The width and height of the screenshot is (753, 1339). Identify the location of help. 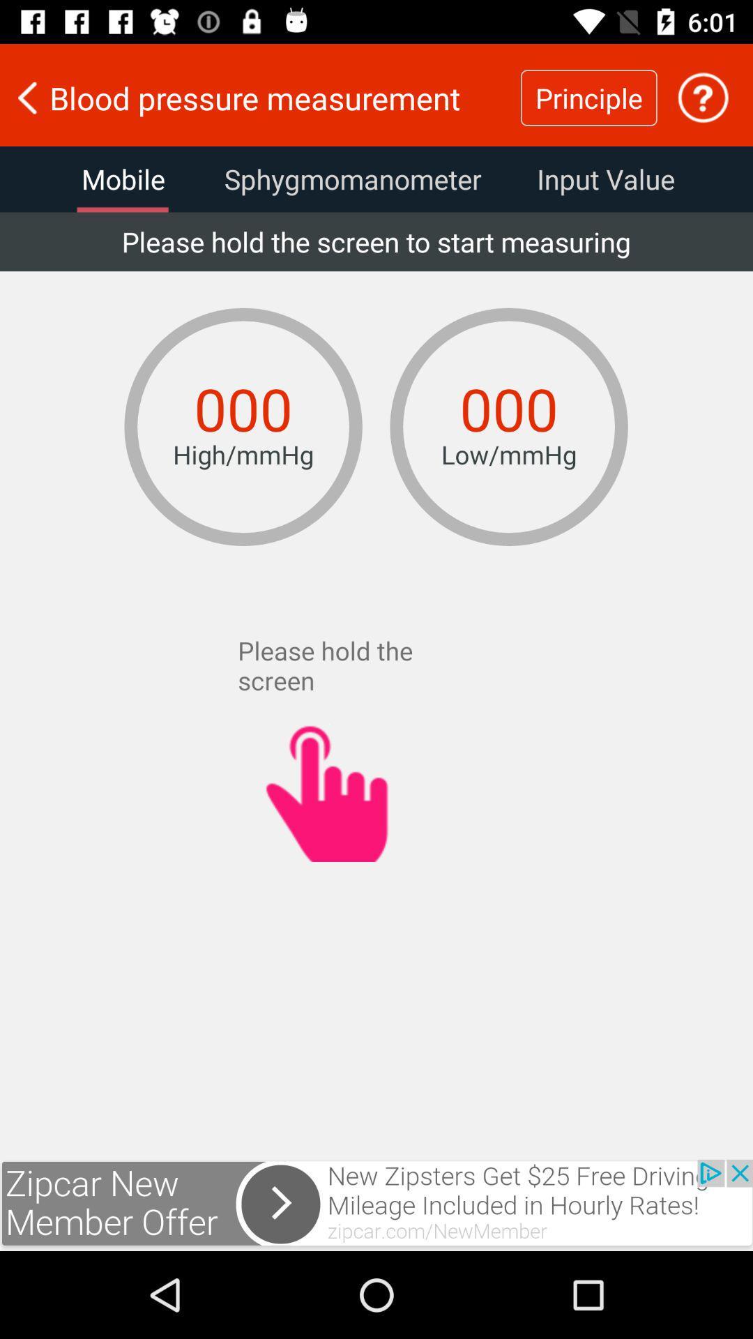
(703, 97).